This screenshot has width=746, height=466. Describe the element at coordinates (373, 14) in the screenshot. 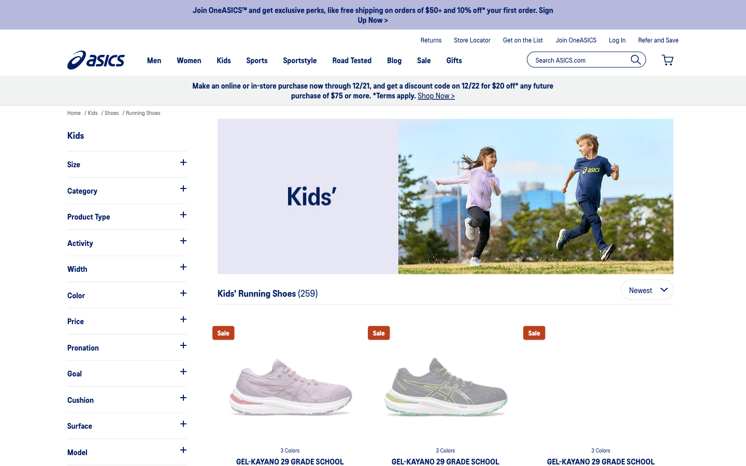

I see `Identify the singular offers they propose` at that location.